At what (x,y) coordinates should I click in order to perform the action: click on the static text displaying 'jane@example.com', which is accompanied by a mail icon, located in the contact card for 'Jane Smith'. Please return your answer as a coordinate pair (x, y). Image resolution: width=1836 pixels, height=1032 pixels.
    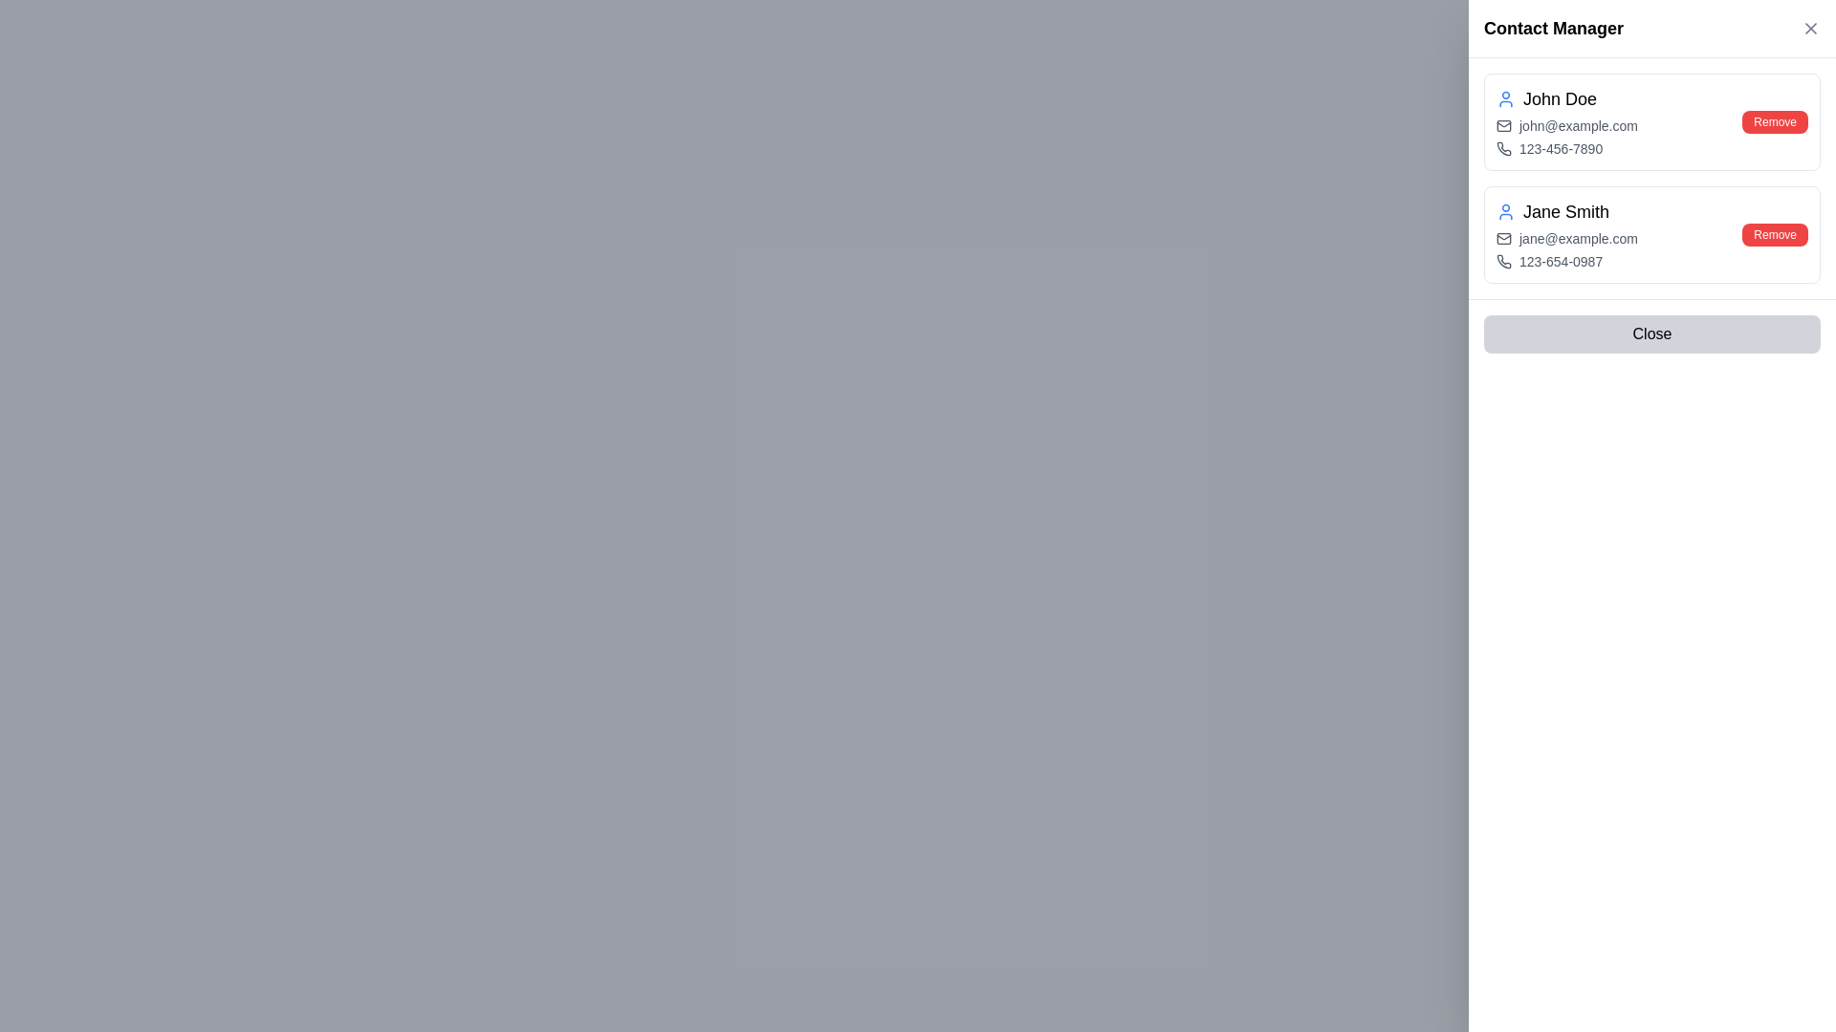
    Looking at the image, I should click on (1566, 238).